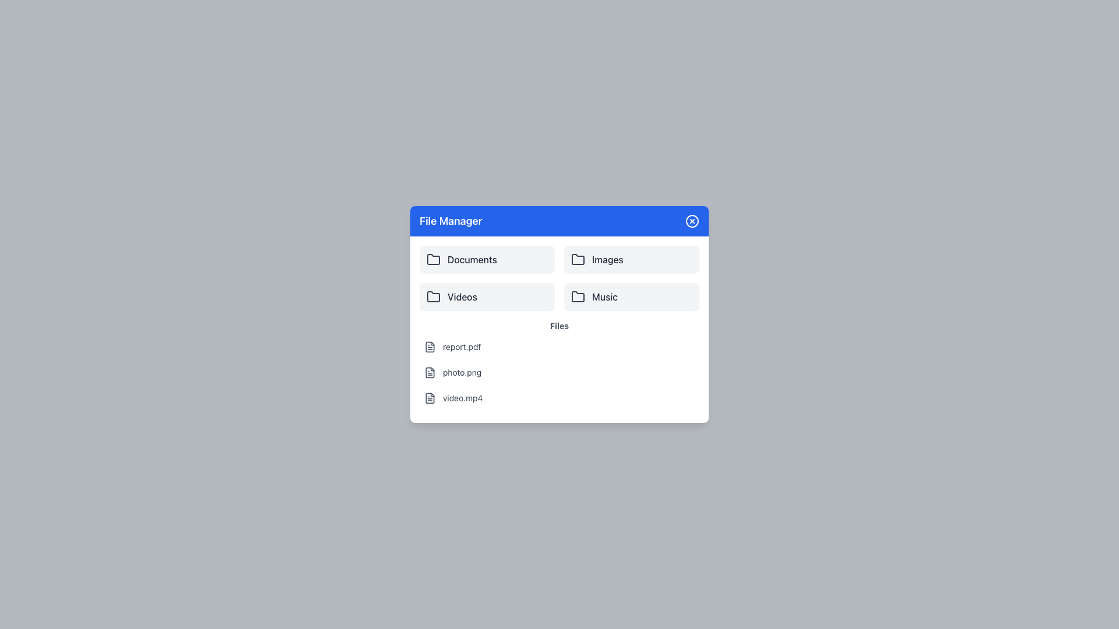 The width and height of the screenshot is (1119, 629). I want to click on label that identifies the folder containing music-related files, located at the bottom-right of a 2x2 grid, positioned to the right of an icon, so click(604, 296).